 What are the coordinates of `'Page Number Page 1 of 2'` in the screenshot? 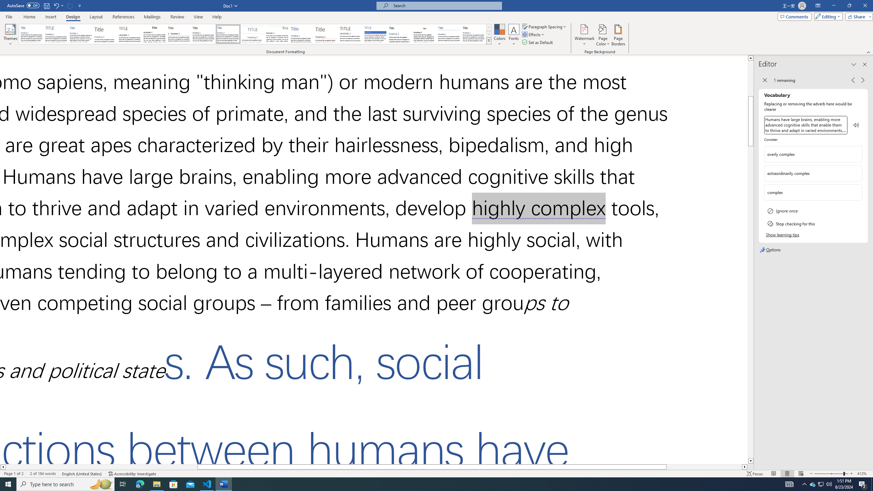 It's located at (14, 474).